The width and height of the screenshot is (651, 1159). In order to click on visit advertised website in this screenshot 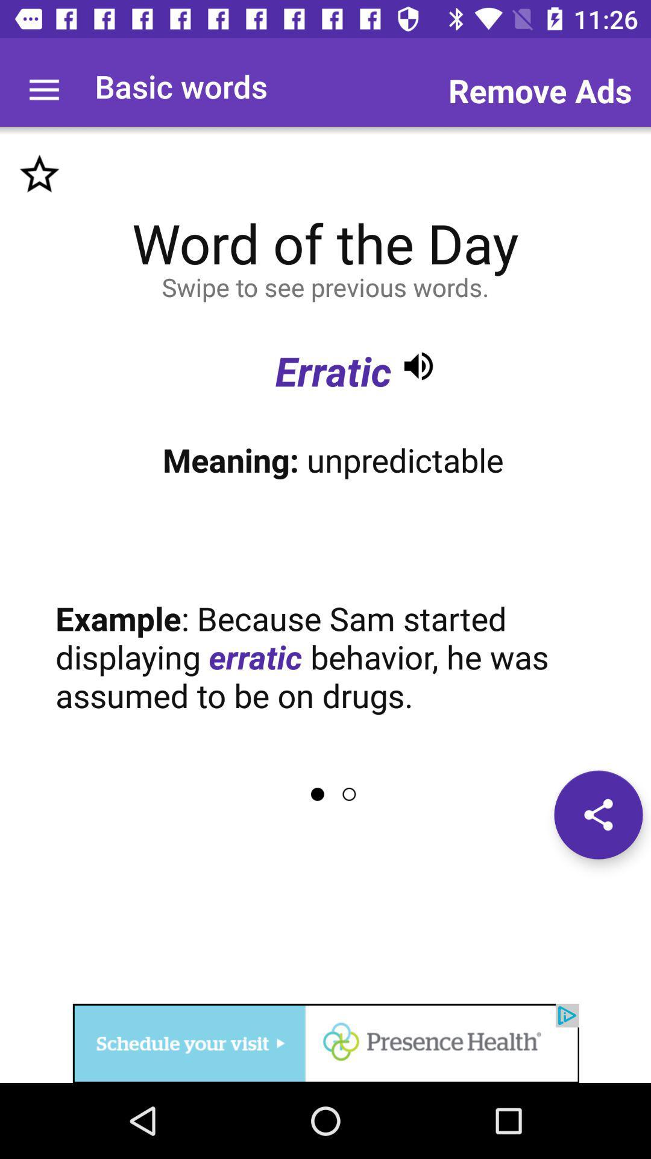, I will do `click(325, 1042)`.